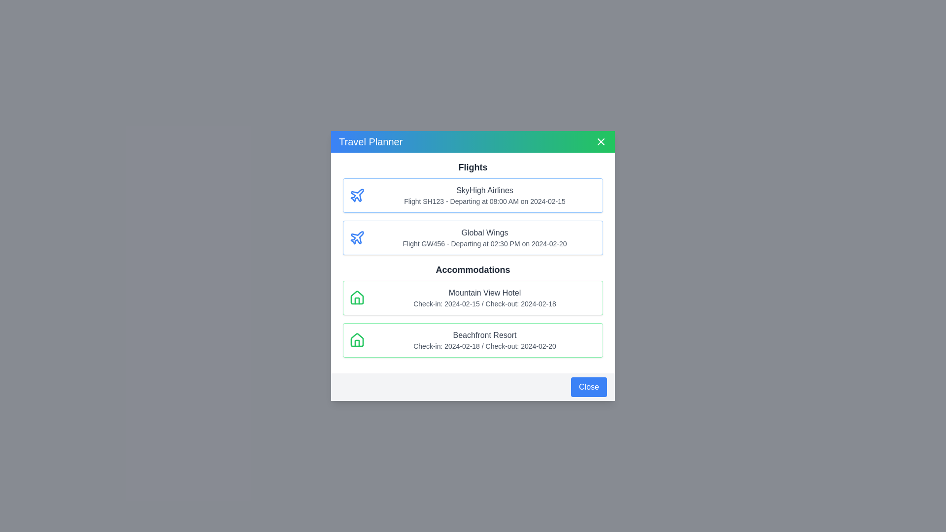 This screenshot has height=532, width=946. I want to click on the button located at the bottom-right corner of the 'Travel Planner' dialog, so click(473, 387).